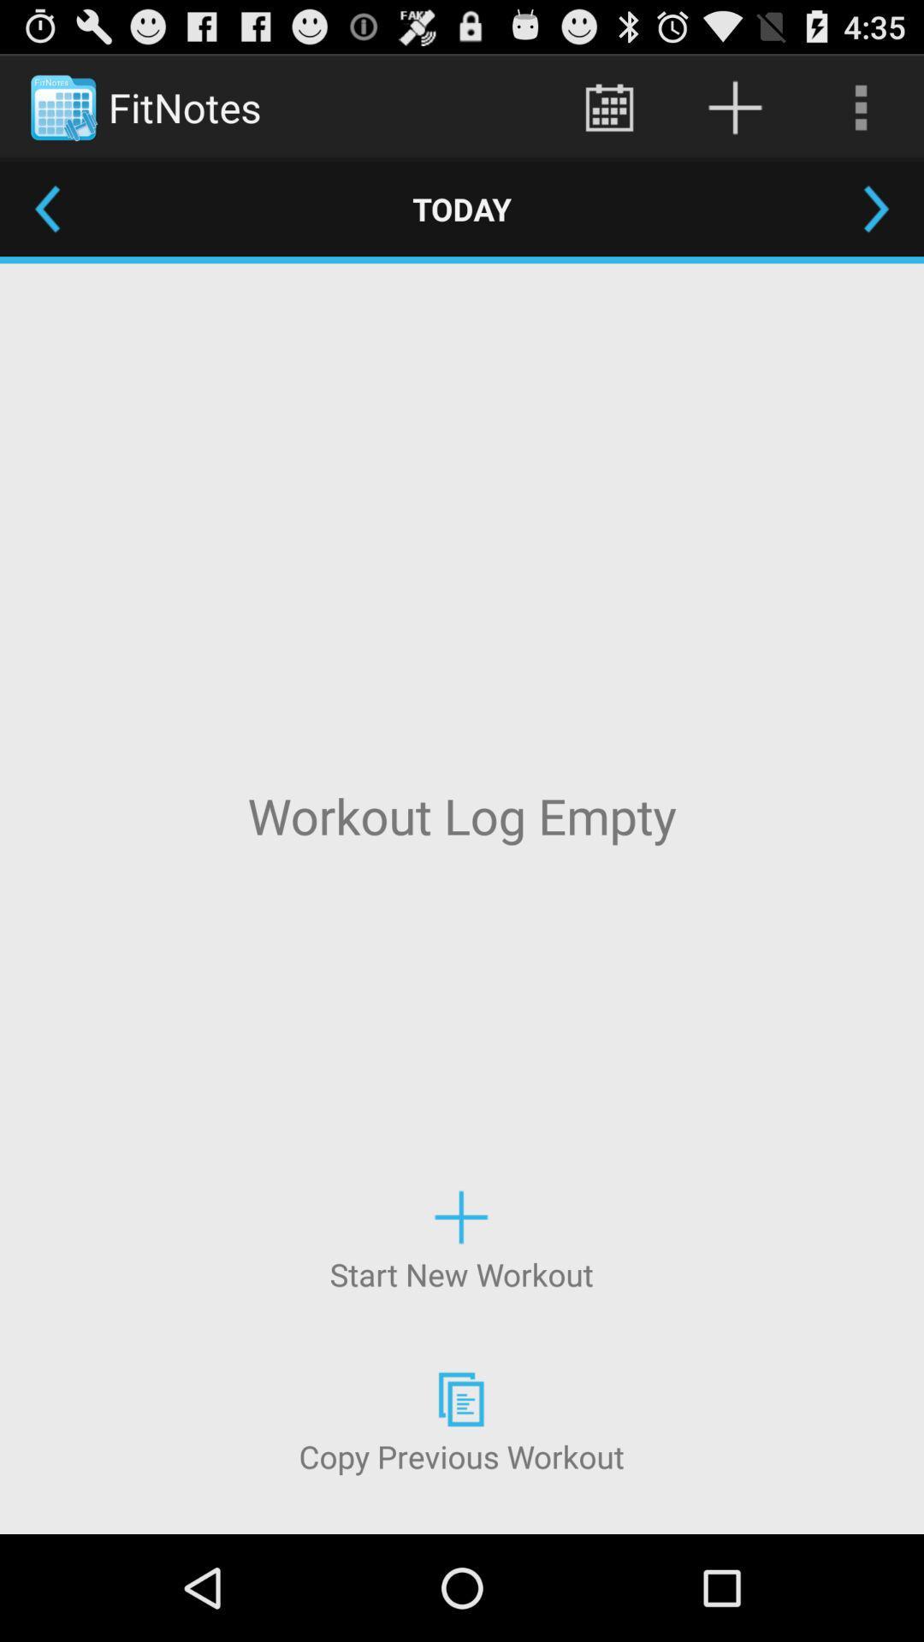  What do you see at coordinates (460, 1421) in the screenshot?
I see `copy previous workout item` at bounding box center [460, 1421].